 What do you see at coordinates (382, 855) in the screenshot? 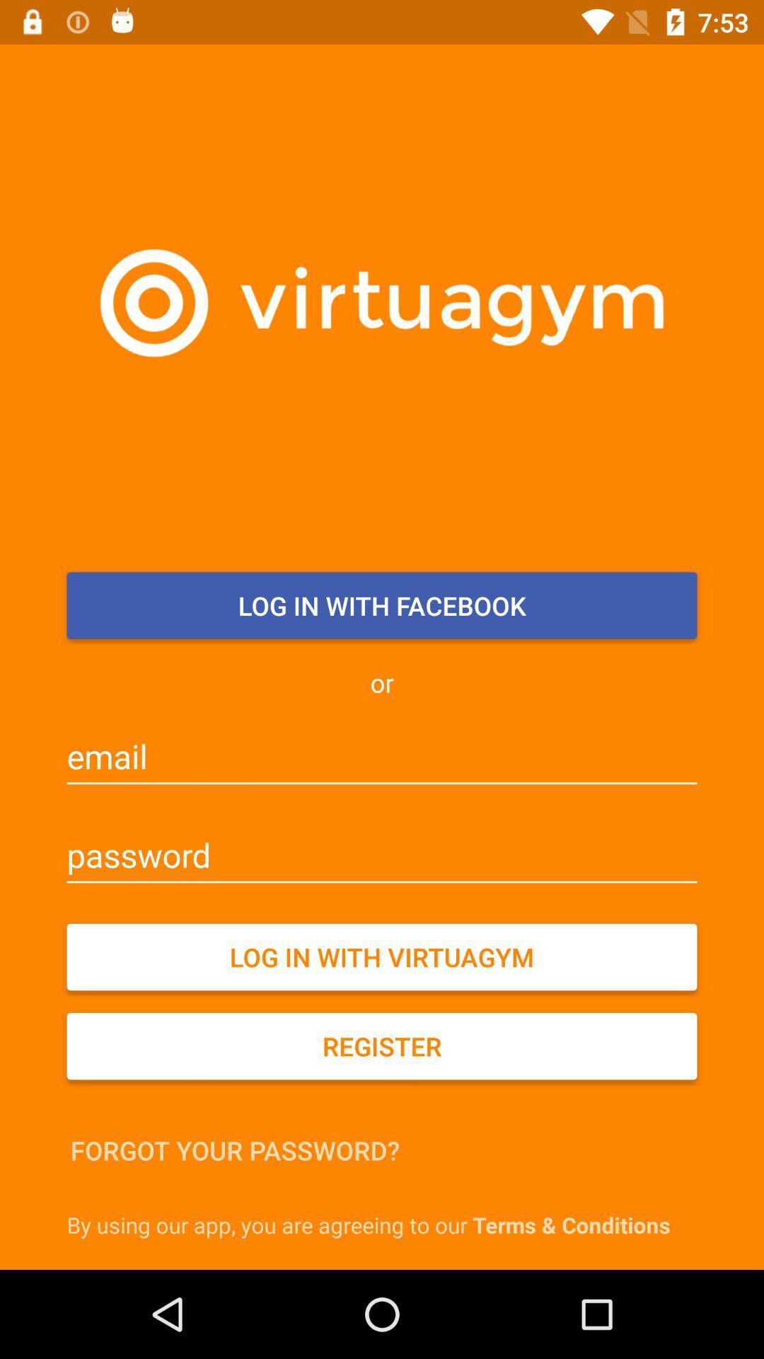
I see `password` at bounding box center [382, 855].